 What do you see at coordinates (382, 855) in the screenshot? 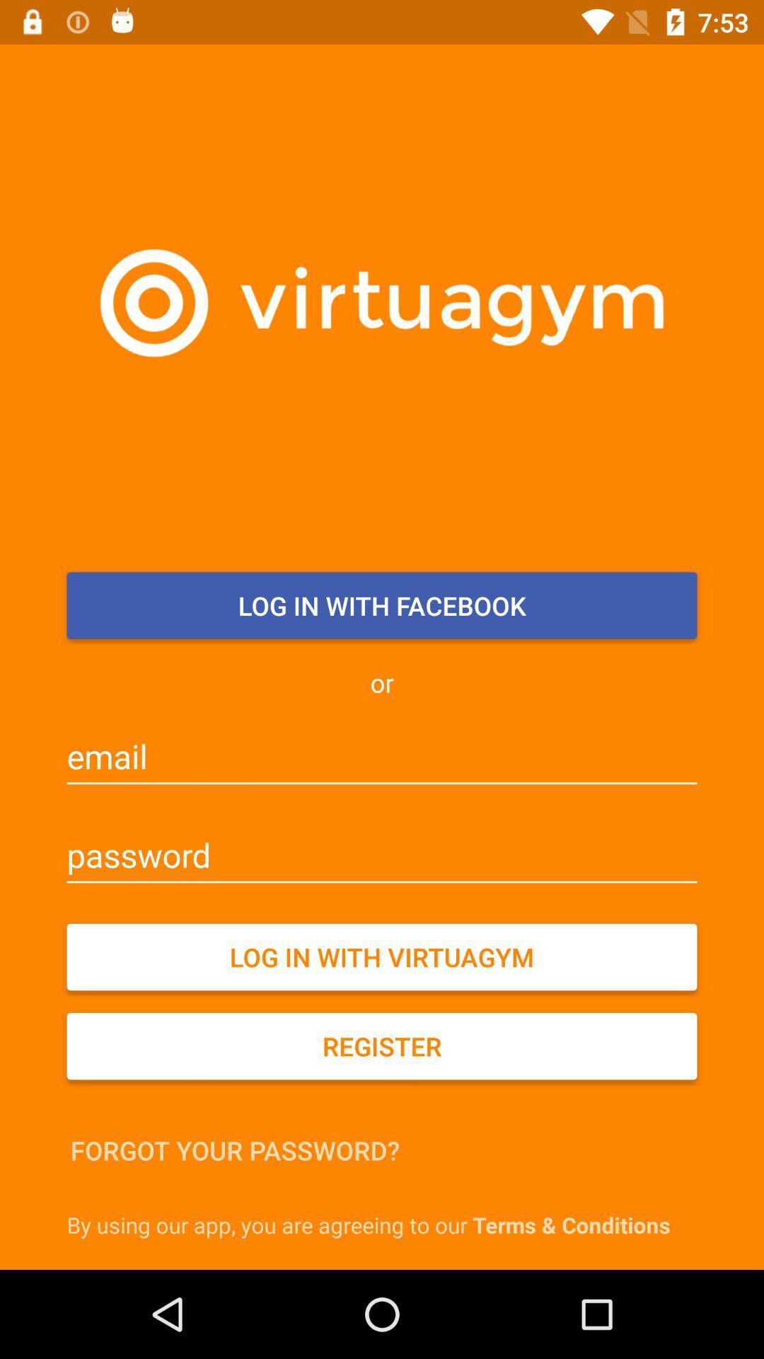
I see `password` at bounding box center [382, 855].